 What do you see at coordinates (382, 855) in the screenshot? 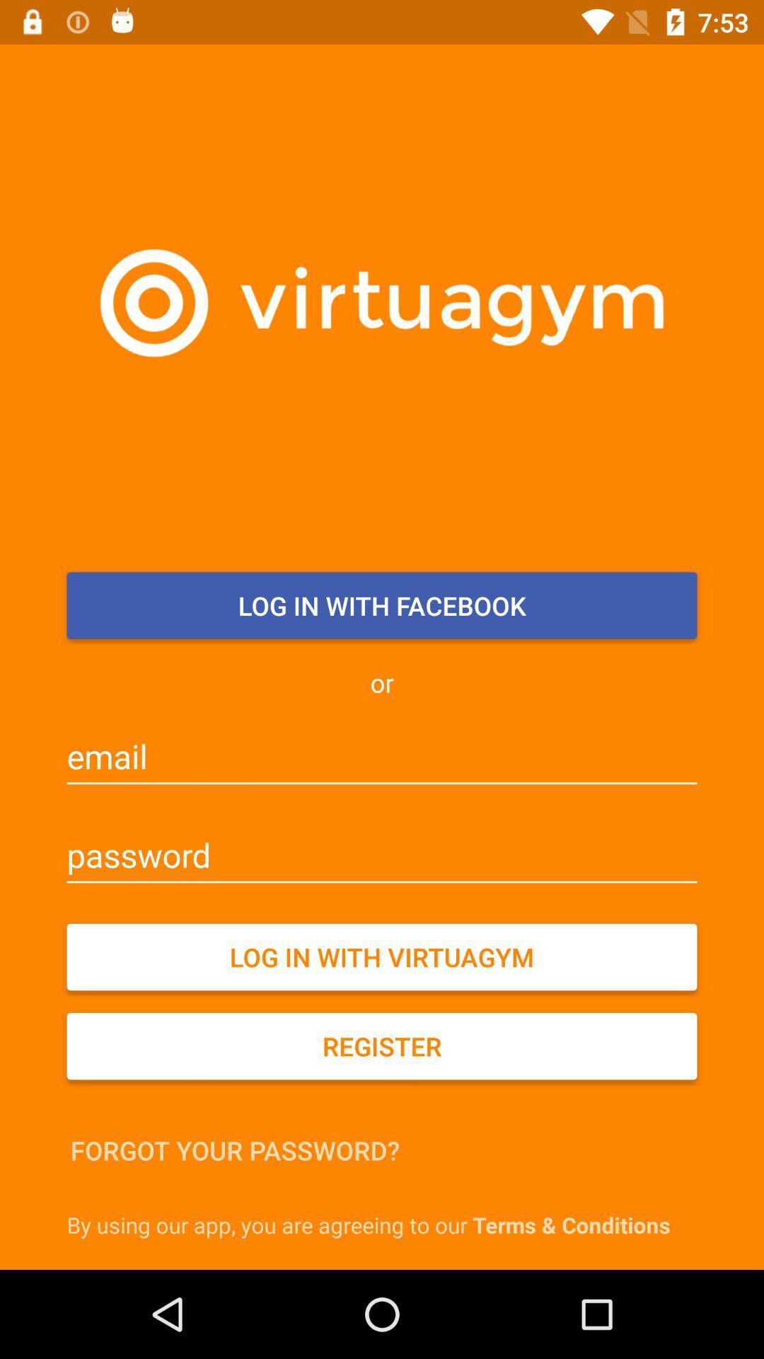
I see `password` at bounding box center [382, 855].